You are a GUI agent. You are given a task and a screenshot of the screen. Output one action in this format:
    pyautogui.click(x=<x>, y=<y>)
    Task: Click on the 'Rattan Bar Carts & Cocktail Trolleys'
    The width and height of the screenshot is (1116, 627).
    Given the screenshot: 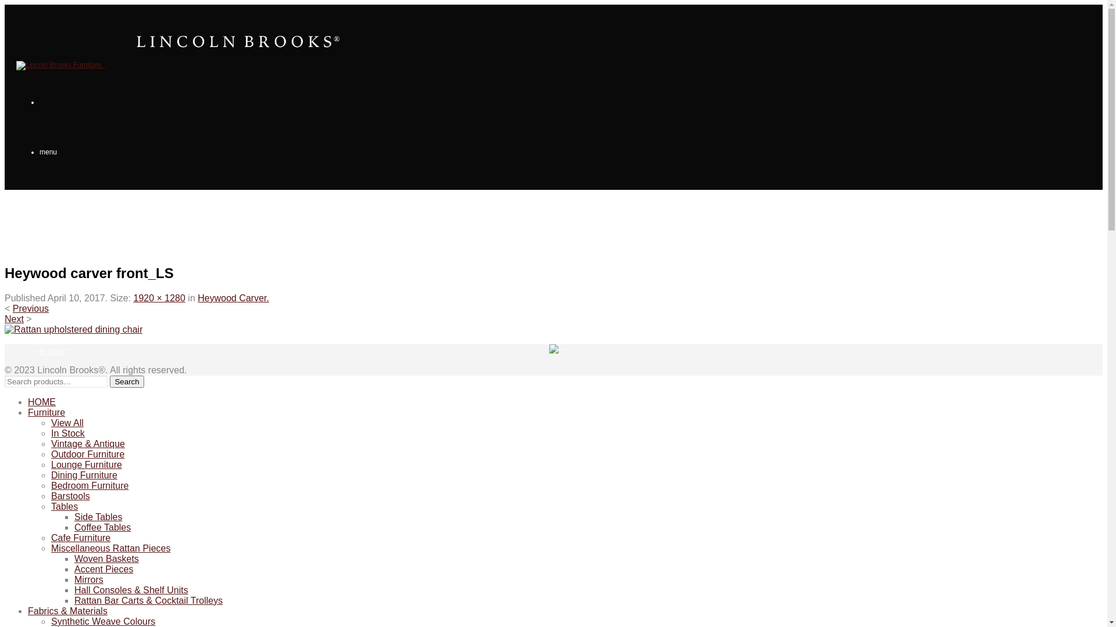 What is the action you would take?
    pyautogui.click(x=74, y=600)
    